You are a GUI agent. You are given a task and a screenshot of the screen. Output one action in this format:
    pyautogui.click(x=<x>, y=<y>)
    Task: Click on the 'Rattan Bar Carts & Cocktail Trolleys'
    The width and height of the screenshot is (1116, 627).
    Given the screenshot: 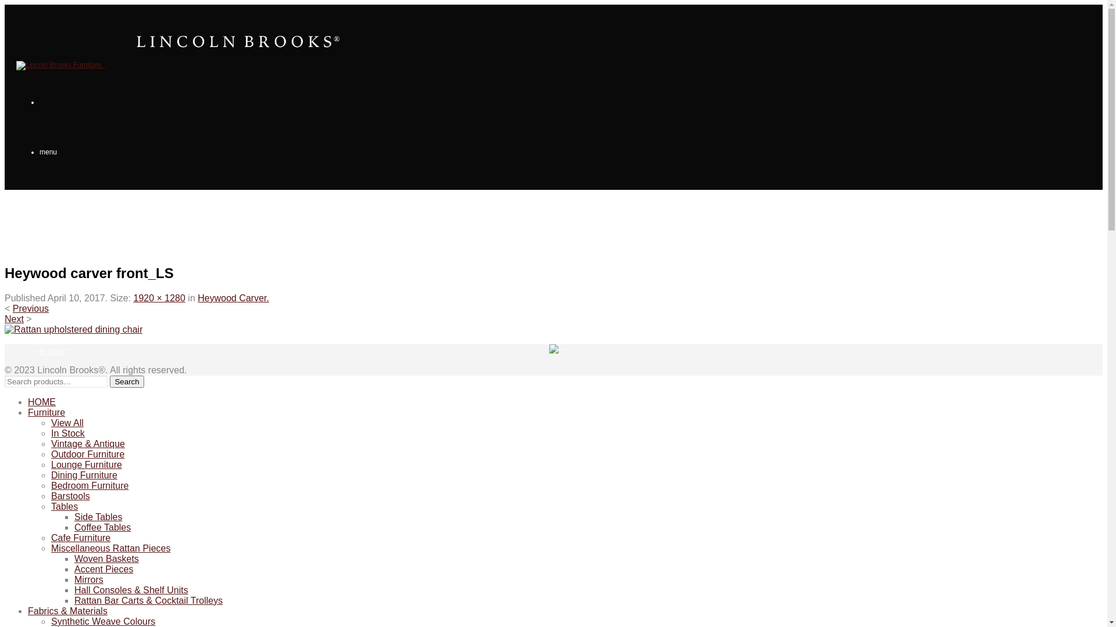 What is the action you would take?
    pyautogui.click(x=74, y=600)
    